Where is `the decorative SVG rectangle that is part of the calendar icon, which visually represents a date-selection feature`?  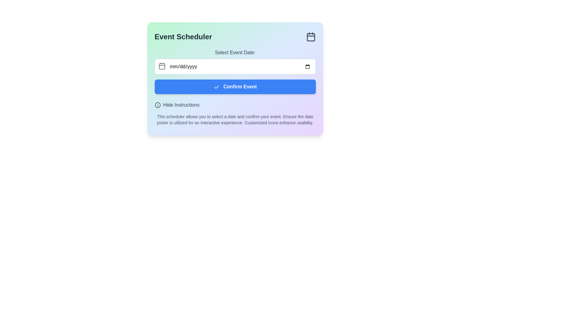 the decorative SVG rectangle that is part of the calendar icon, which visually represents a date-selection feature is located at coordinates (162, 66).